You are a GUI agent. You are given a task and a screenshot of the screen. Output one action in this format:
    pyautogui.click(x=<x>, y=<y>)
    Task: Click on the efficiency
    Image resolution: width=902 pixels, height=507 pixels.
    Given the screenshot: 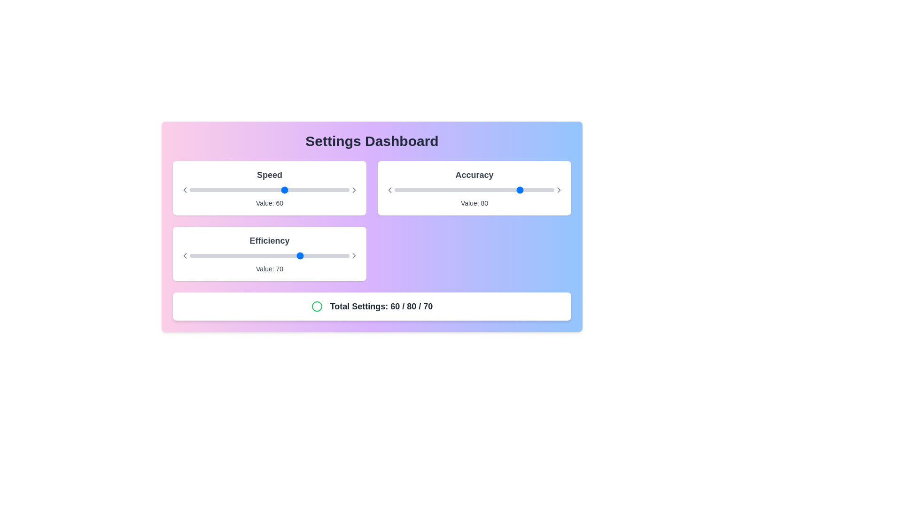 What is the action you would take?
    pyautogui.click(x=237, y=255)
    